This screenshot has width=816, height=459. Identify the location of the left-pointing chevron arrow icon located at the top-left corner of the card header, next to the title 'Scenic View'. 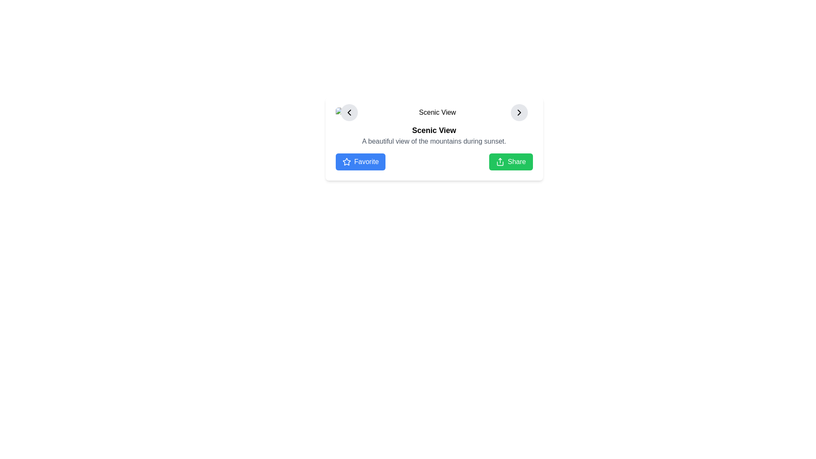
(349, 112).